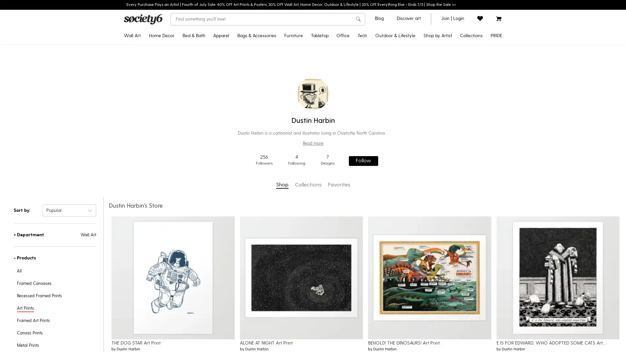  Describe the element at coordinates (261, 83) in the screenshot. I see `Duffle Bags` at that location.